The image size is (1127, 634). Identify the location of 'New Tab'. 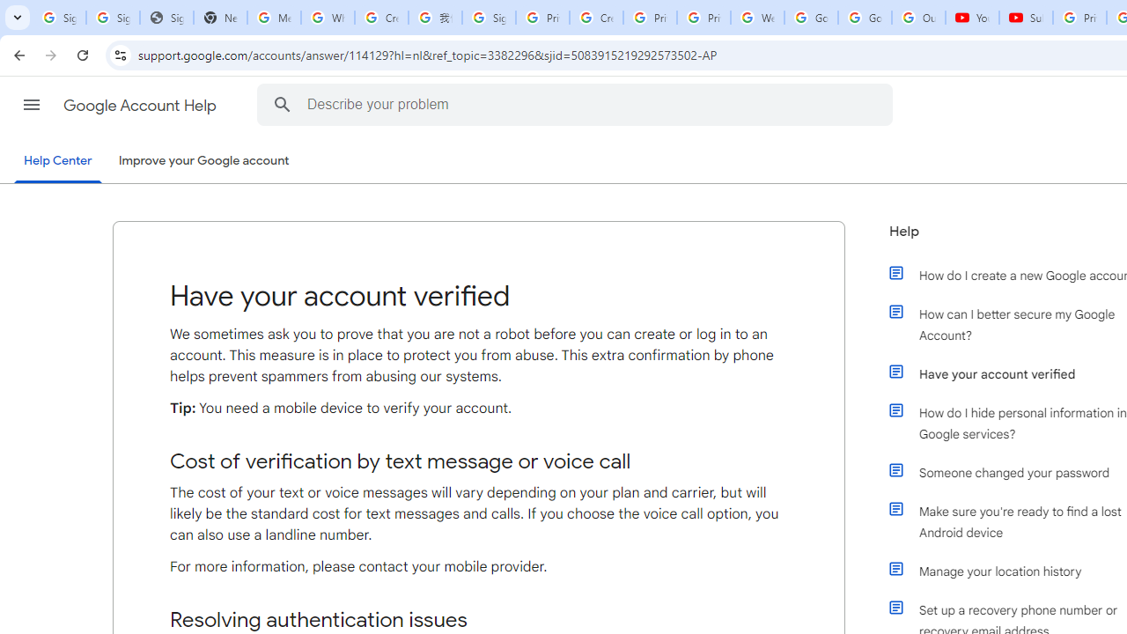
(219, 18).